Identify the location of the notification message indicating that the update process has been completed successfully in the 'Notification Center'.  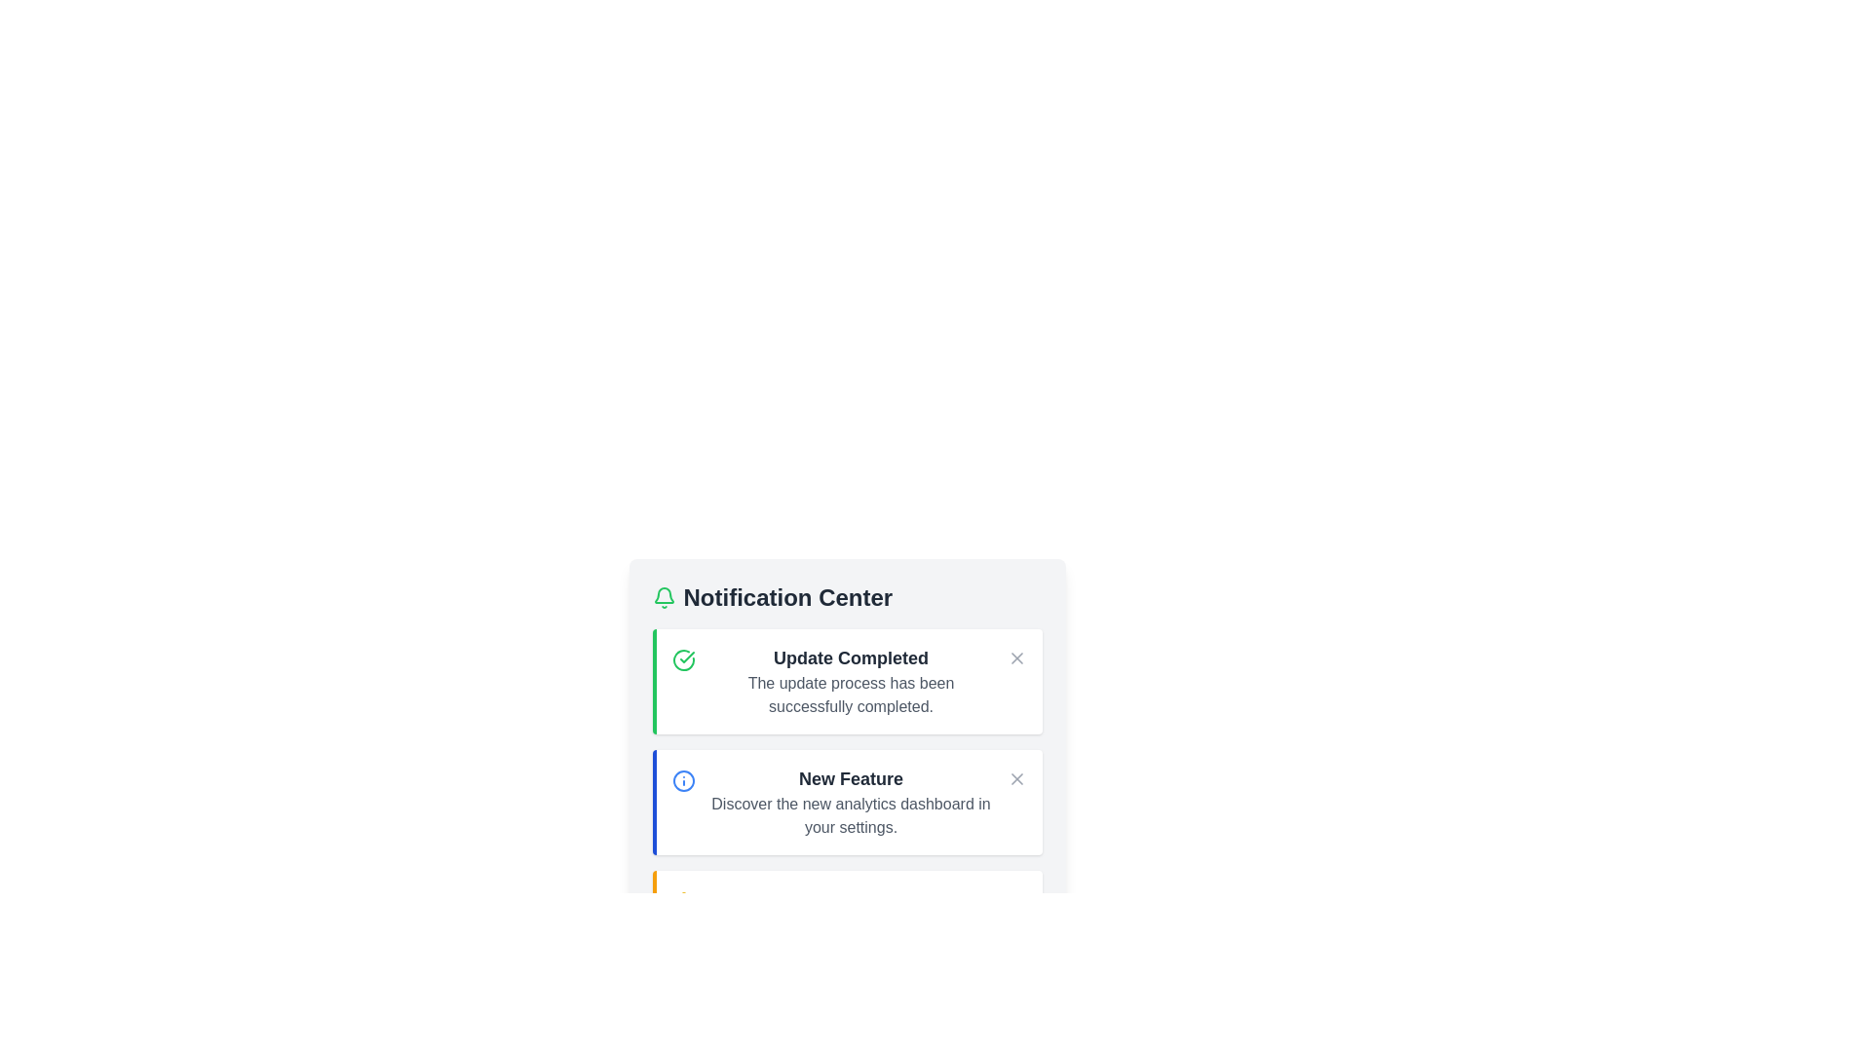
(851, 680).